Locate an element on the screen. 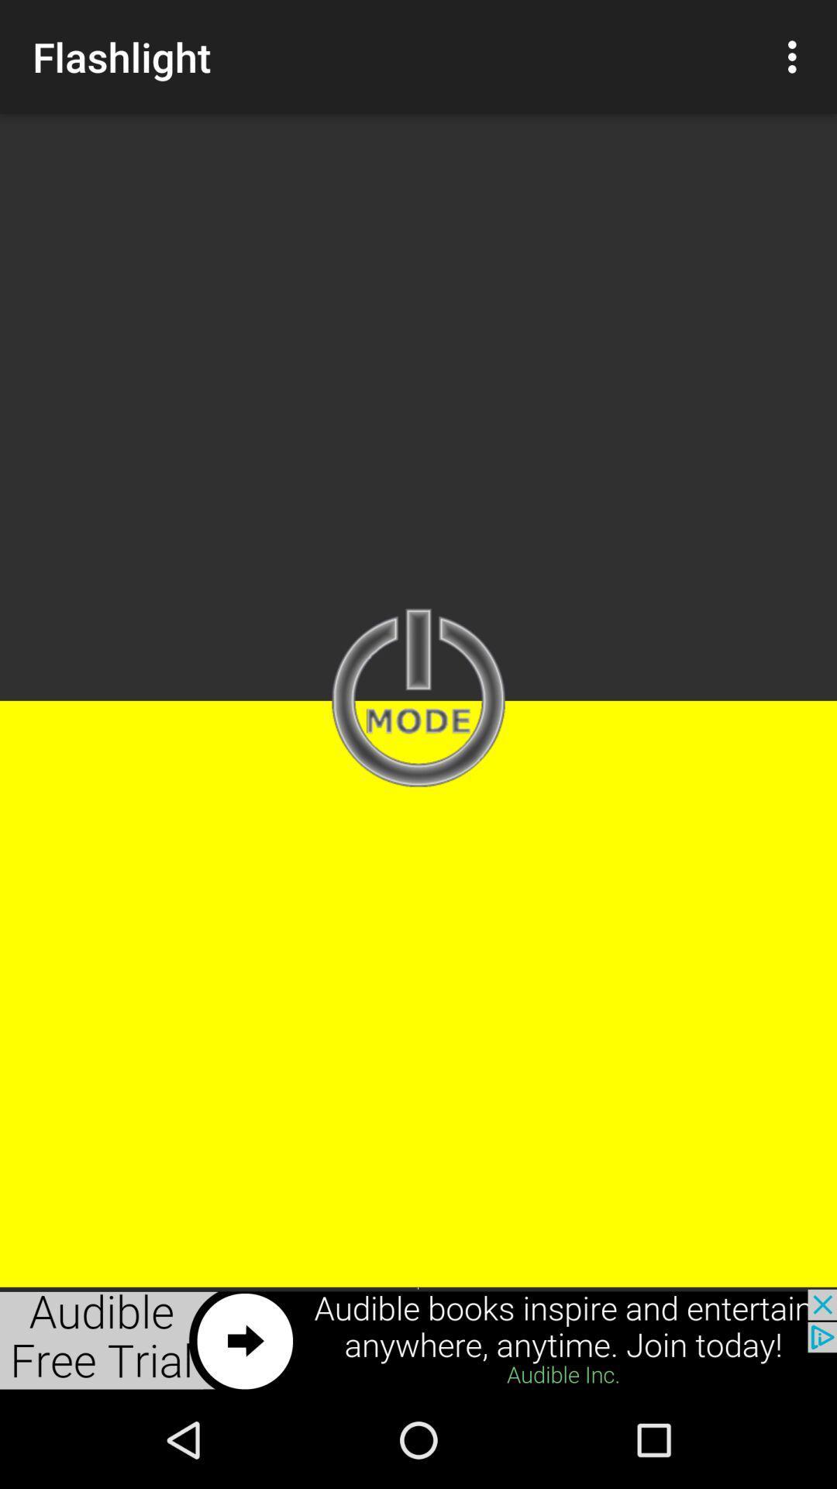 This screenshot has width=837, height=1489. power button is located at coordinates (418, 699).